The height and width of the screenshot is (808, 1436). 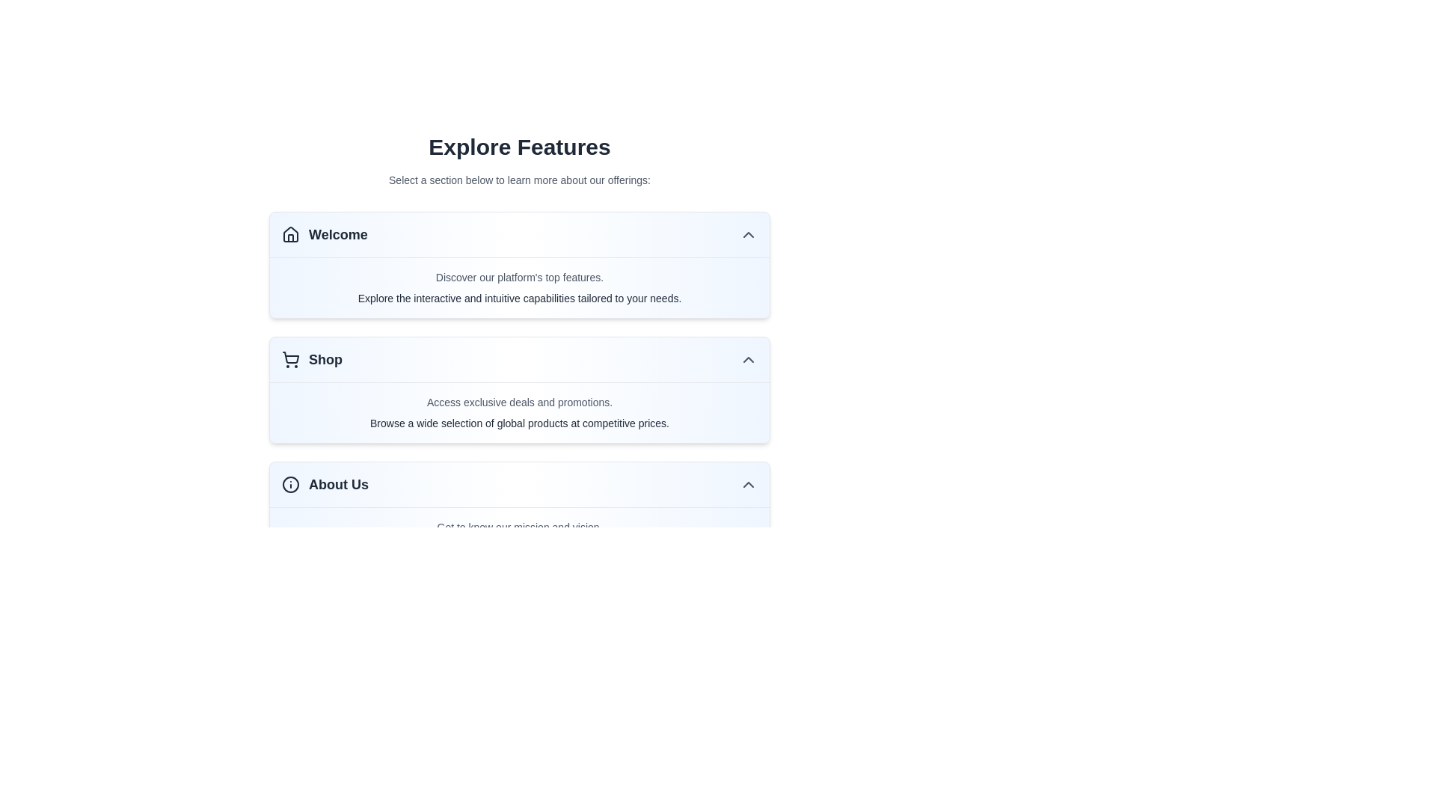 What do you see at coordinates (520, 179) in the screenshot?
I see `the static text element that provides concise instructions for exploring different sections, located directly below the header 'Explore Features'` at bounding box center [520, 179].